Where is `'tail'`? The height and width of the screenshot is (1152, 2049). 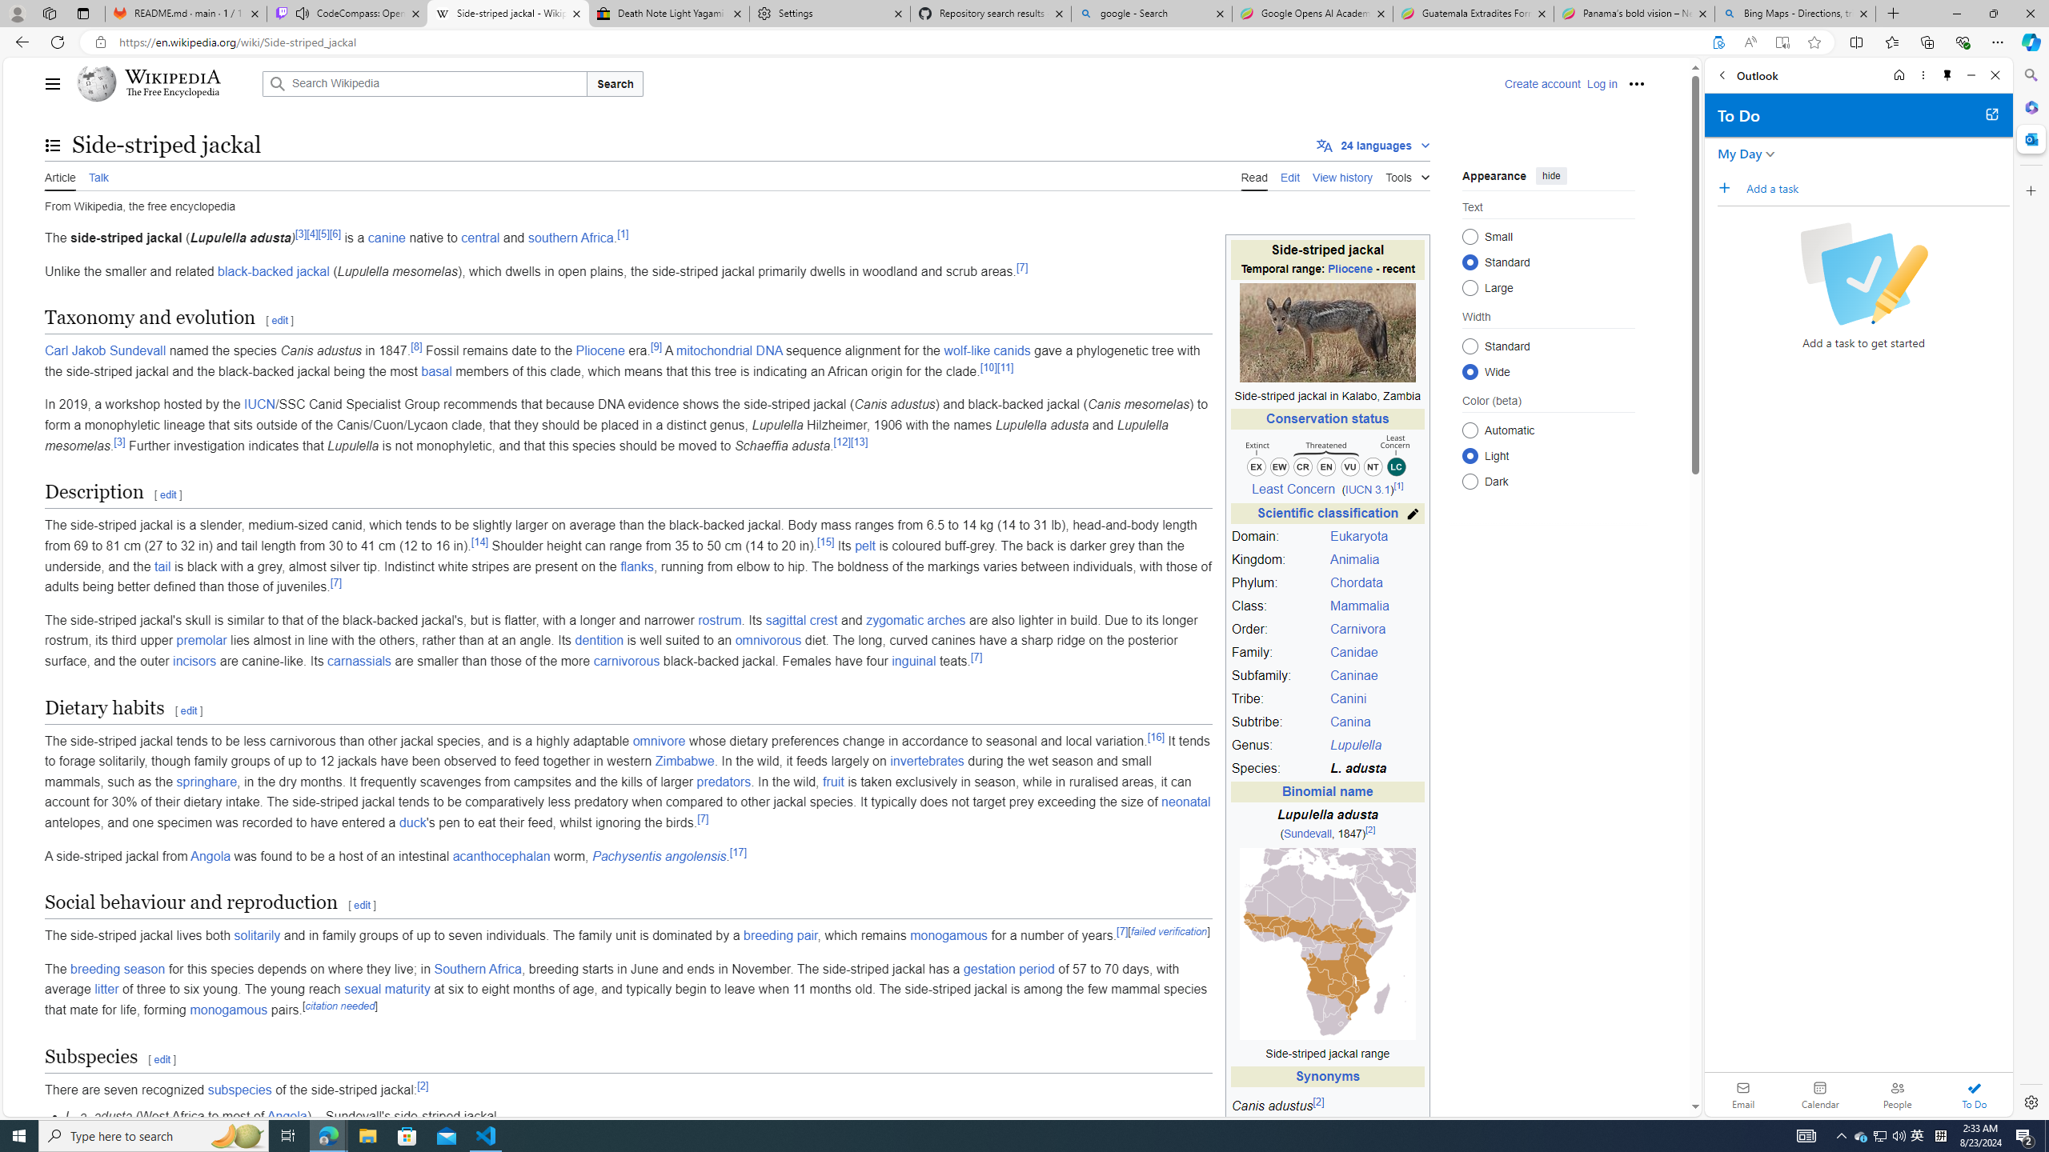 'tail' is located at coordinates (162, 565).